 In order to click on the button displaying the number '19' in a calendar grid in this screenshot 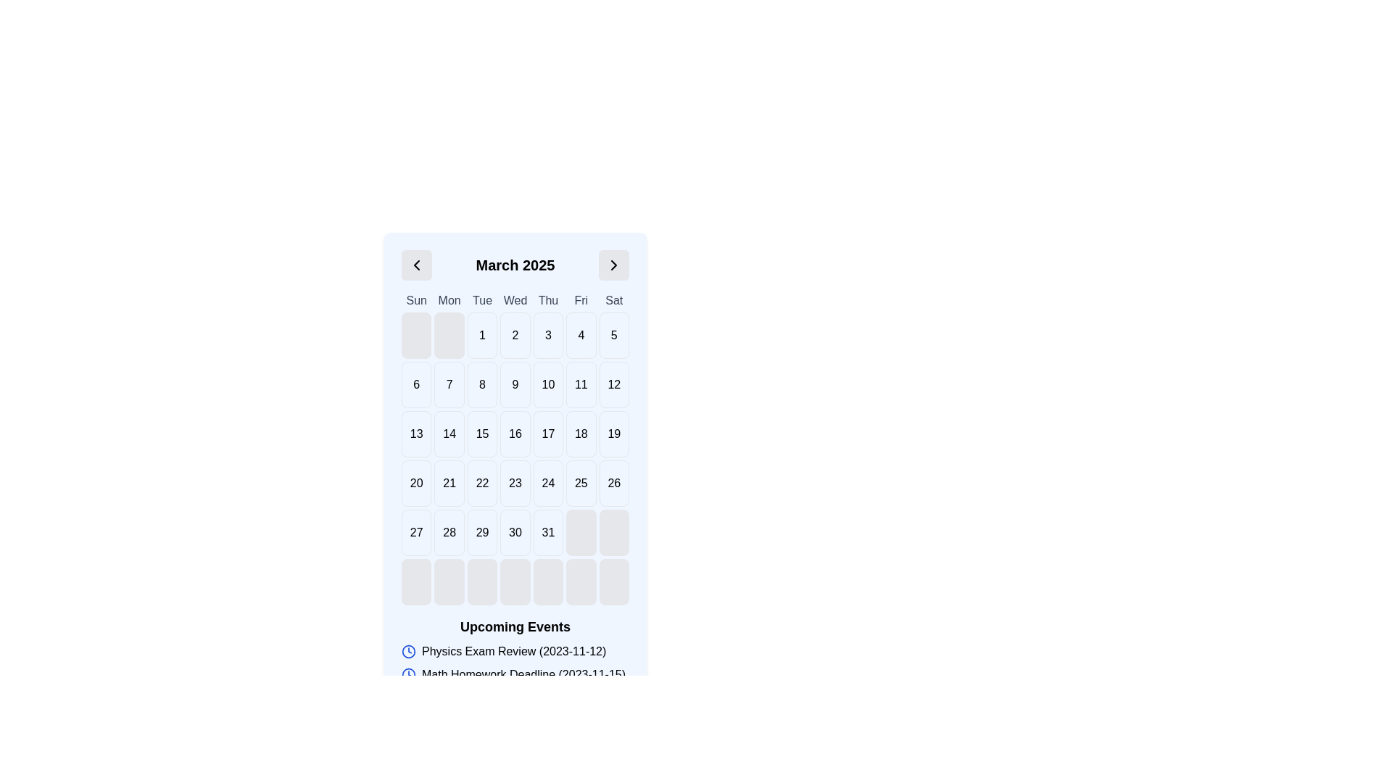, I will do `click(614, 433)`.